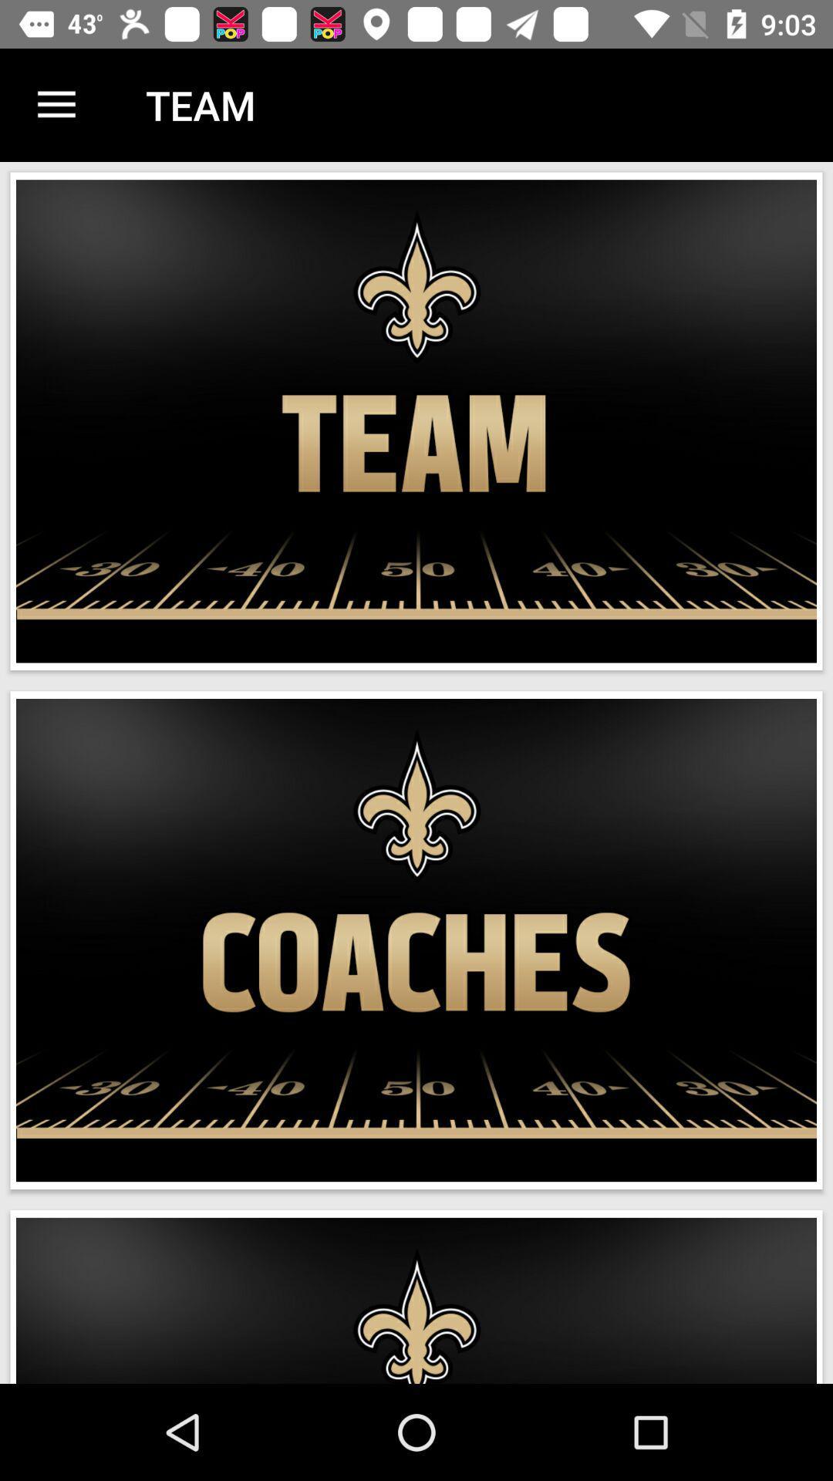 This screenshot has width=833, height=1481. I want to click on icon next to team icon, so click(56, 104).